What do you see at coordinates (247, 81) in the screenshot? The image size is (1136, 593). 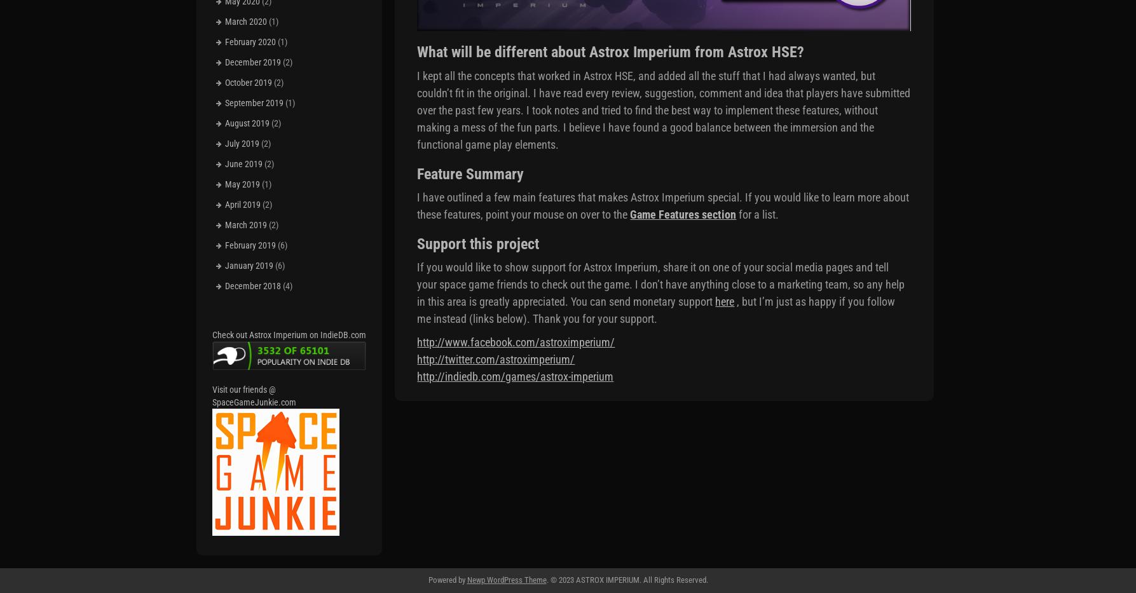 I see `'October 2019'` at bounding box center [247, 81].